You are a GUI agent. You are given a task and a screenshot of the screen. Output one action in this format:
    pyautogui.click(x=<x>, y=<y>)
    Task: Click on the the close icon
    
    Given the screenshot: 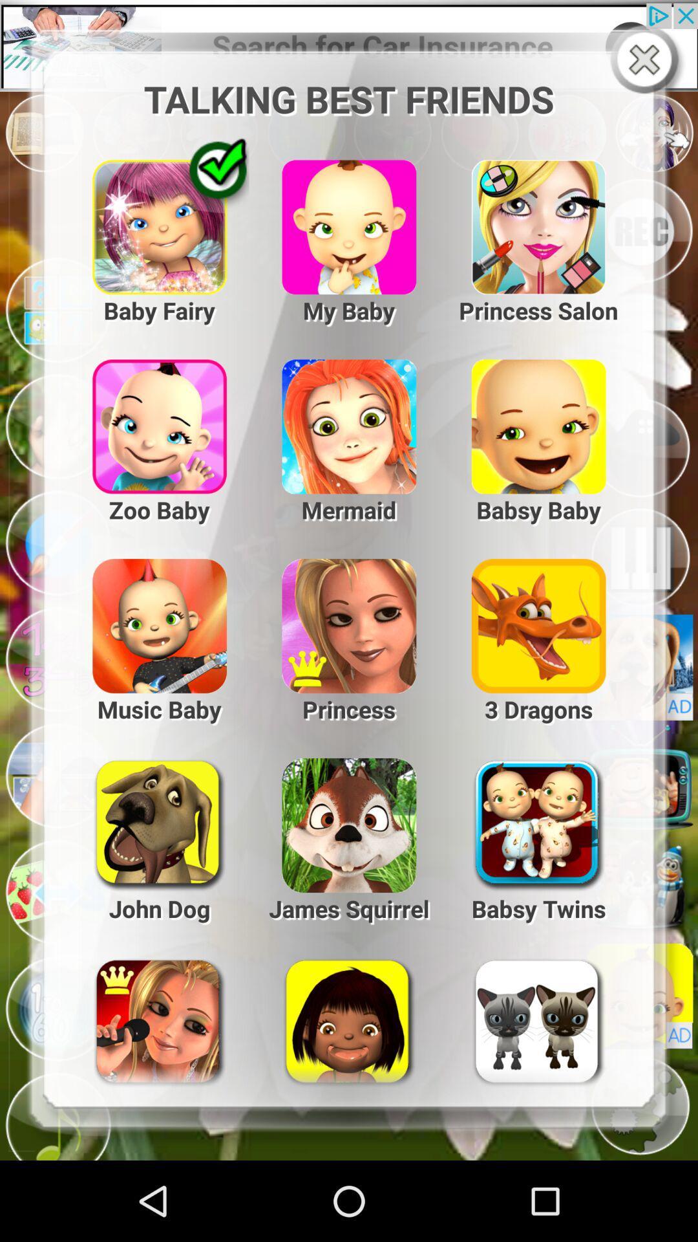 What is the action you would take?
    pyautogui.click(x=647, y=65)
    